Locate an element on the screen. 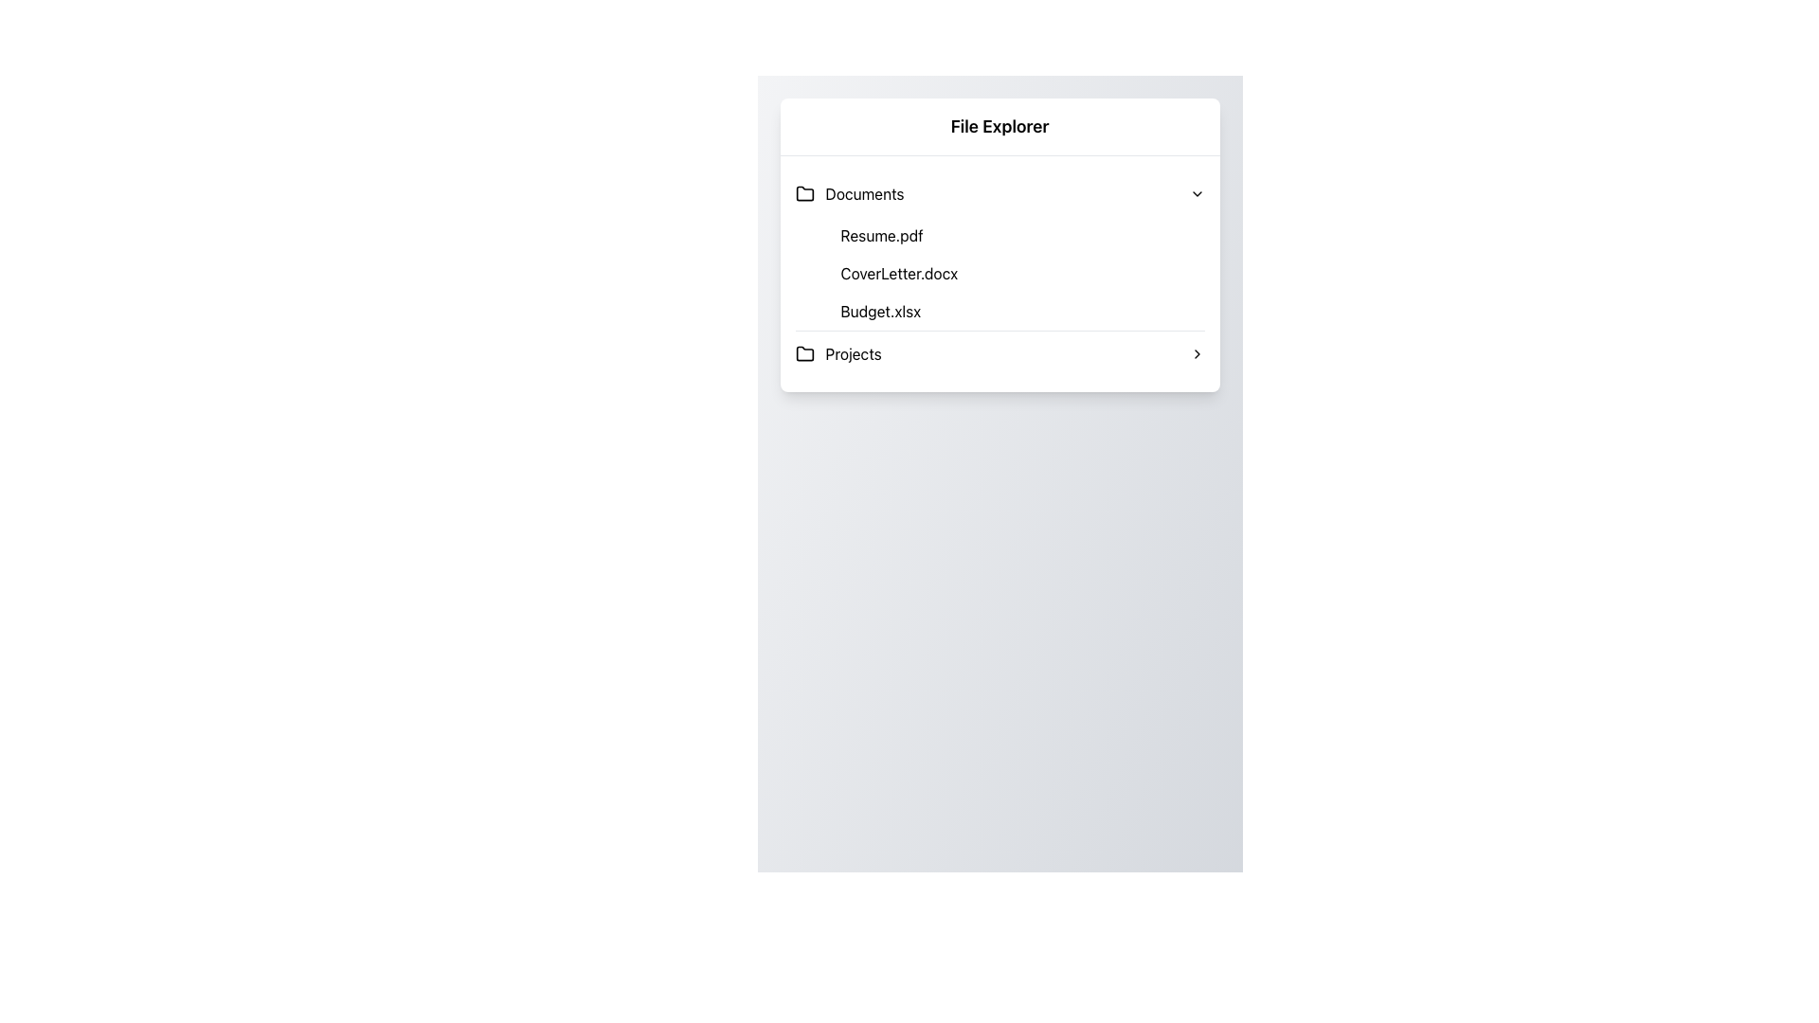 The width and height of the screenshot is (1819, 1023). the 'Documents' button which is the first item in the list of the 'File Explorer' interface, featuring a folder icon on the left and the text 'Documents' on the right is located at coordinates (849, 193).